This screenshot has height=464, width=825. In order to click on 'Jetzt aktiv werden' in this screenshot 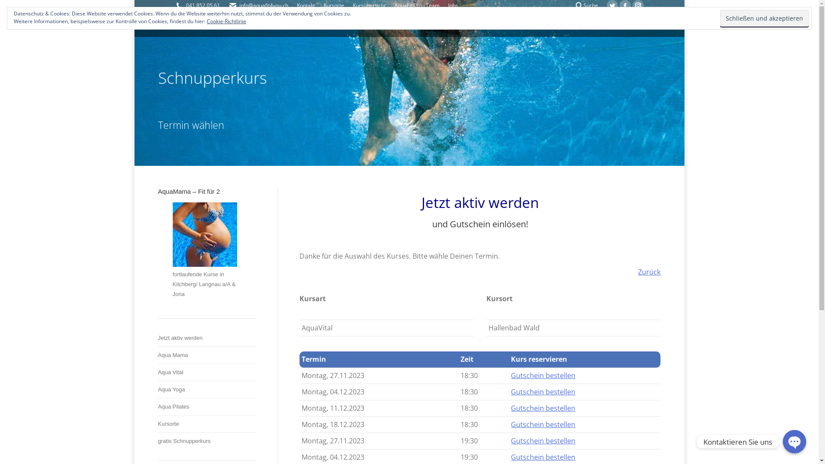, I will do `click(180, 337)`.